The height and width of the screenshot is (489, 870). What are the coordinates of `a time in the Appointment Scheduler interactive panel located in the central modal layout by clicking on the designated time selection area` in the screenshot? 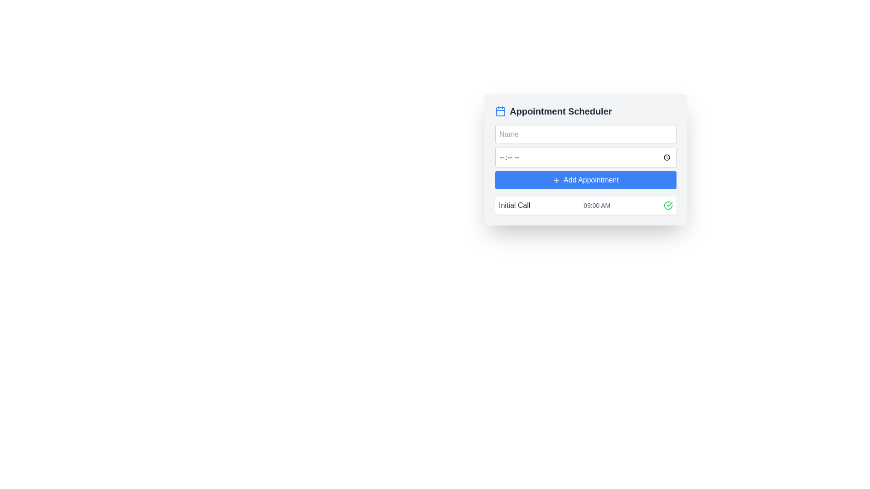 It's located at (585, 159).